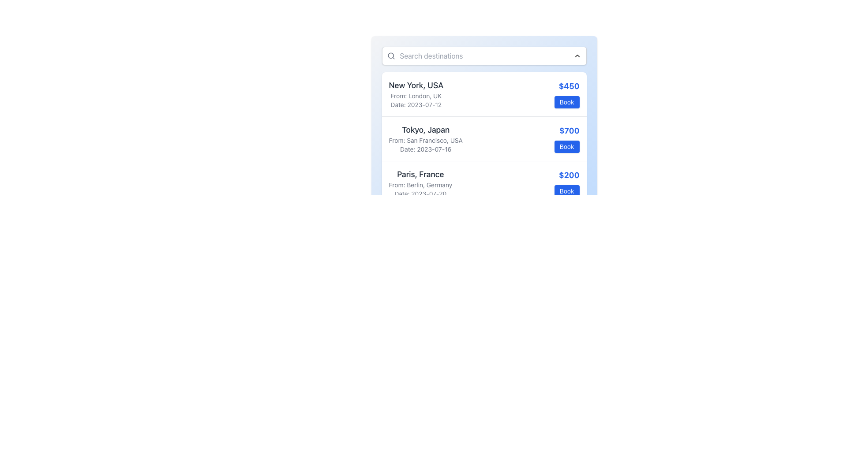 Image resolution: width=847 pixels, height=476 pixels. I want to click on price information displayed as '$700' in bold blue font, located at the right end of the card-like section for the trip to Tokyo, Japan, so click(567, 139).